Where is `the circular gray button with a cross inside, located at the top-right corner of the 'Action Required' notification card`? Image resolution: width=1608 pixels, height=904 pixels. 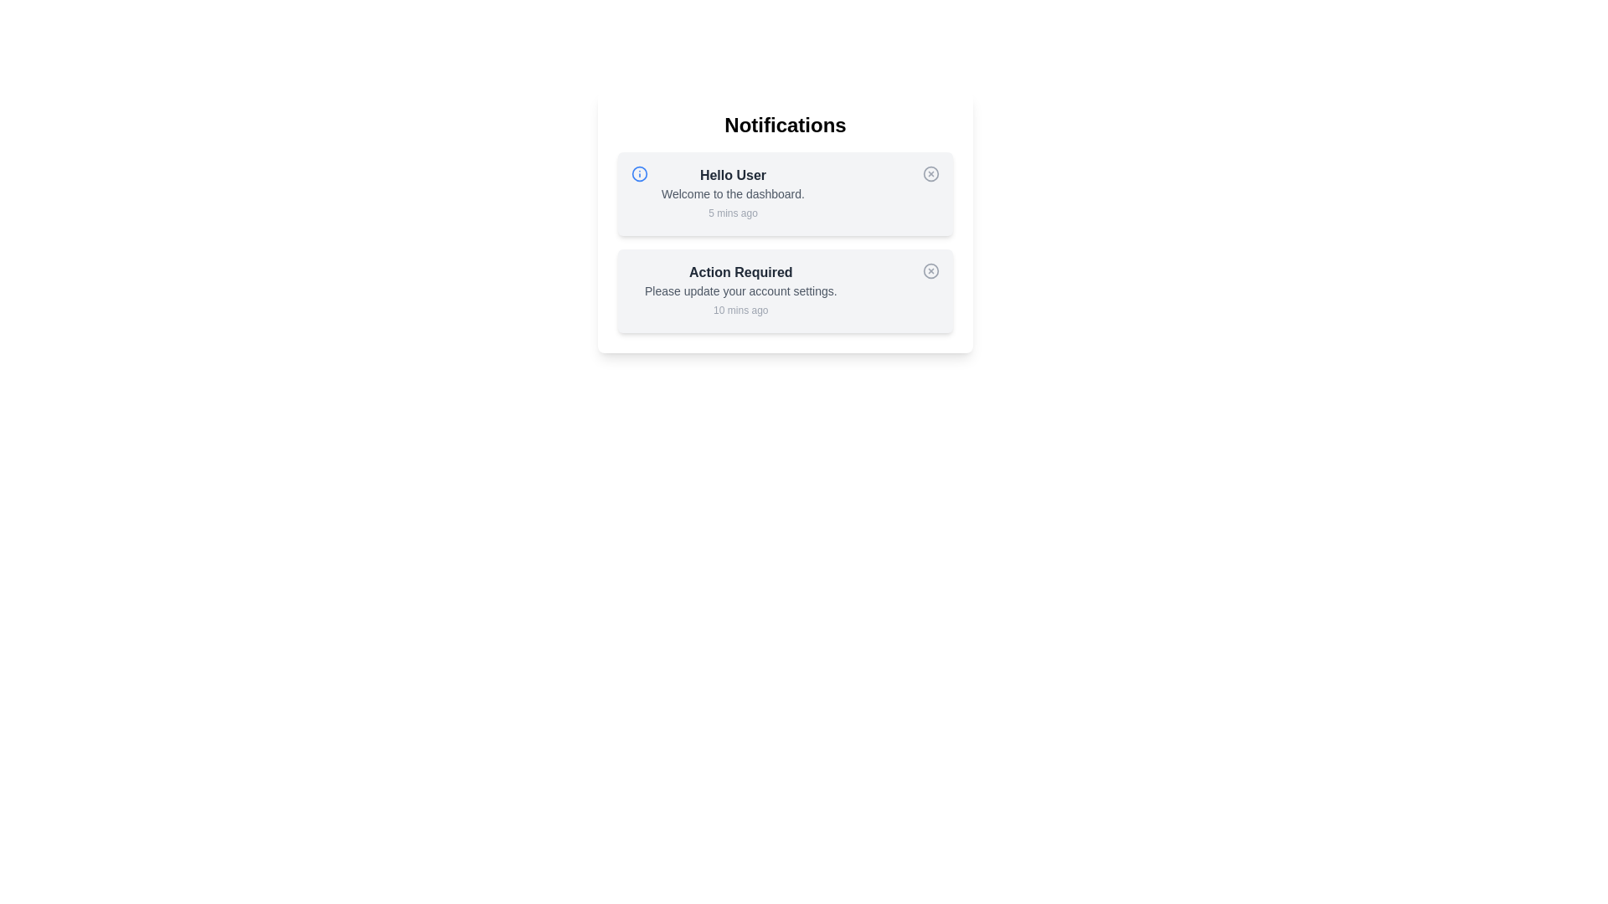
the circular gray button with a cross inside, located at the top-right corner of the 'Action Required' notification card is located at coordinates (930, 270).